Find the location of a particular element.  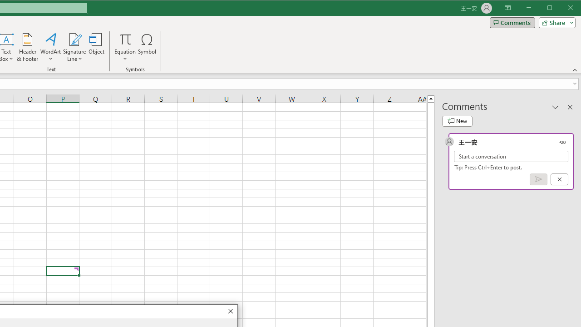

'New comment' is located at coordinates (457, 121).